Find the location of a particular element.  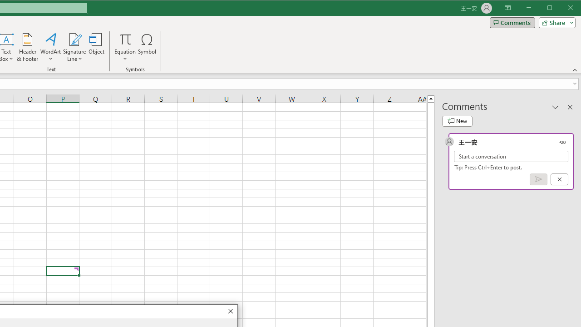

'New comment' is located at coordinates (457, 121).